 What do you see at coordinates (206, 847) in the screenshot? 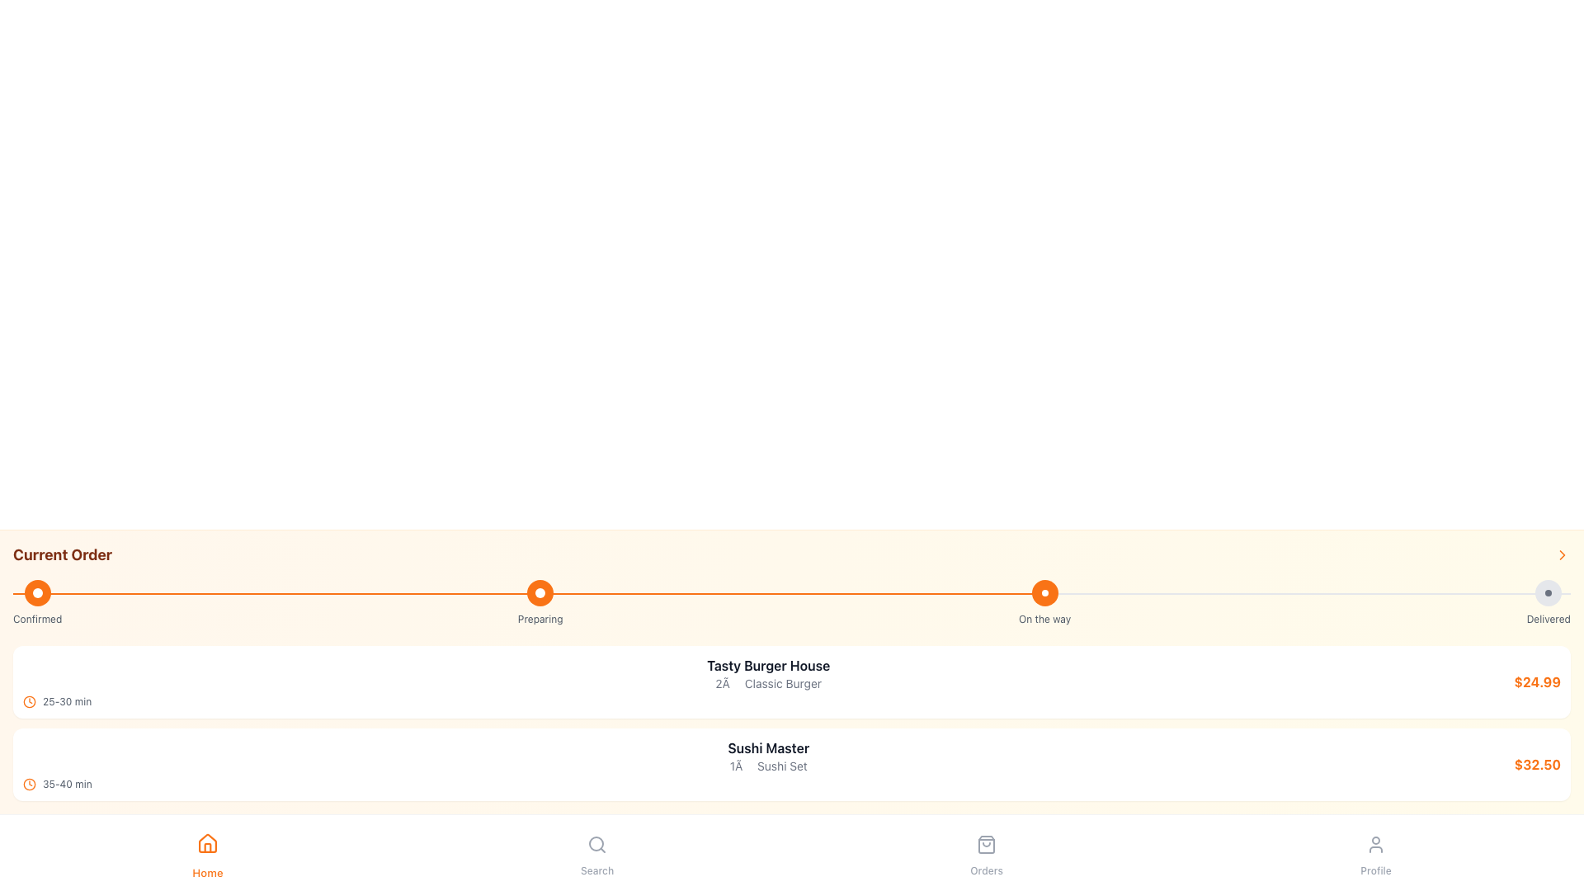
I see `the vertical line element within the house icon in the navigation bar at the bottom of the interface` at bounding box center [206, 847].